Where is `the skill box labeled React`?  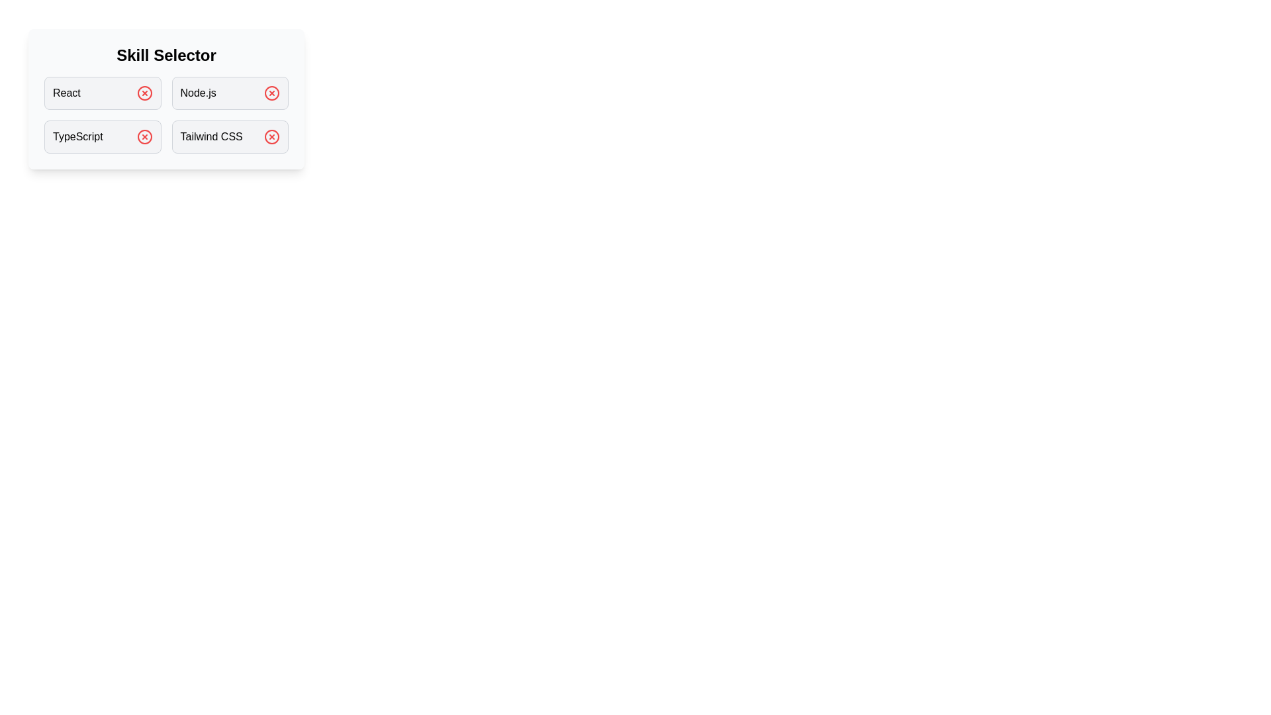
the skill box labeled React is located at coordinates (102, 93).